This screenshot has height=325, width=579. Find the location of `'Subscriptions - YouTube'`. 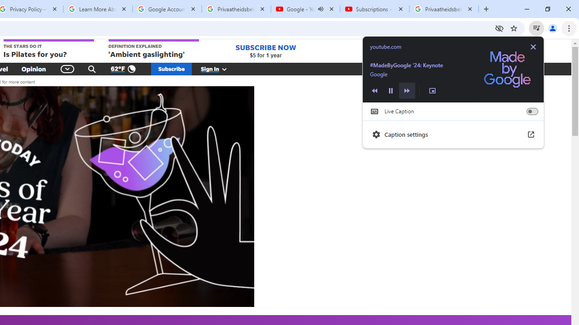

'Subscriptions - YouTube' is located at coordinates (375, 9).